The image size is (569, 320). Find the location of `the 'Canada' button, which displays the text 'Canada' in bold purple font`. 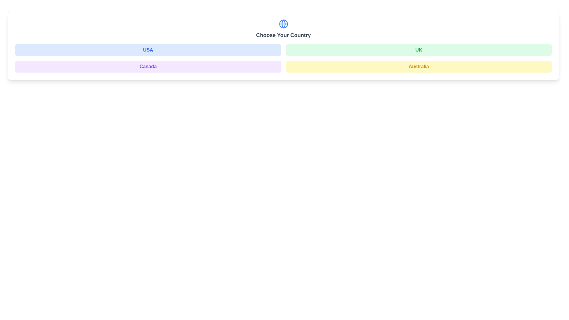

the 'Canada' button, which displays the text 'Canada' in bold purple font is located at coordinates (148, 66).